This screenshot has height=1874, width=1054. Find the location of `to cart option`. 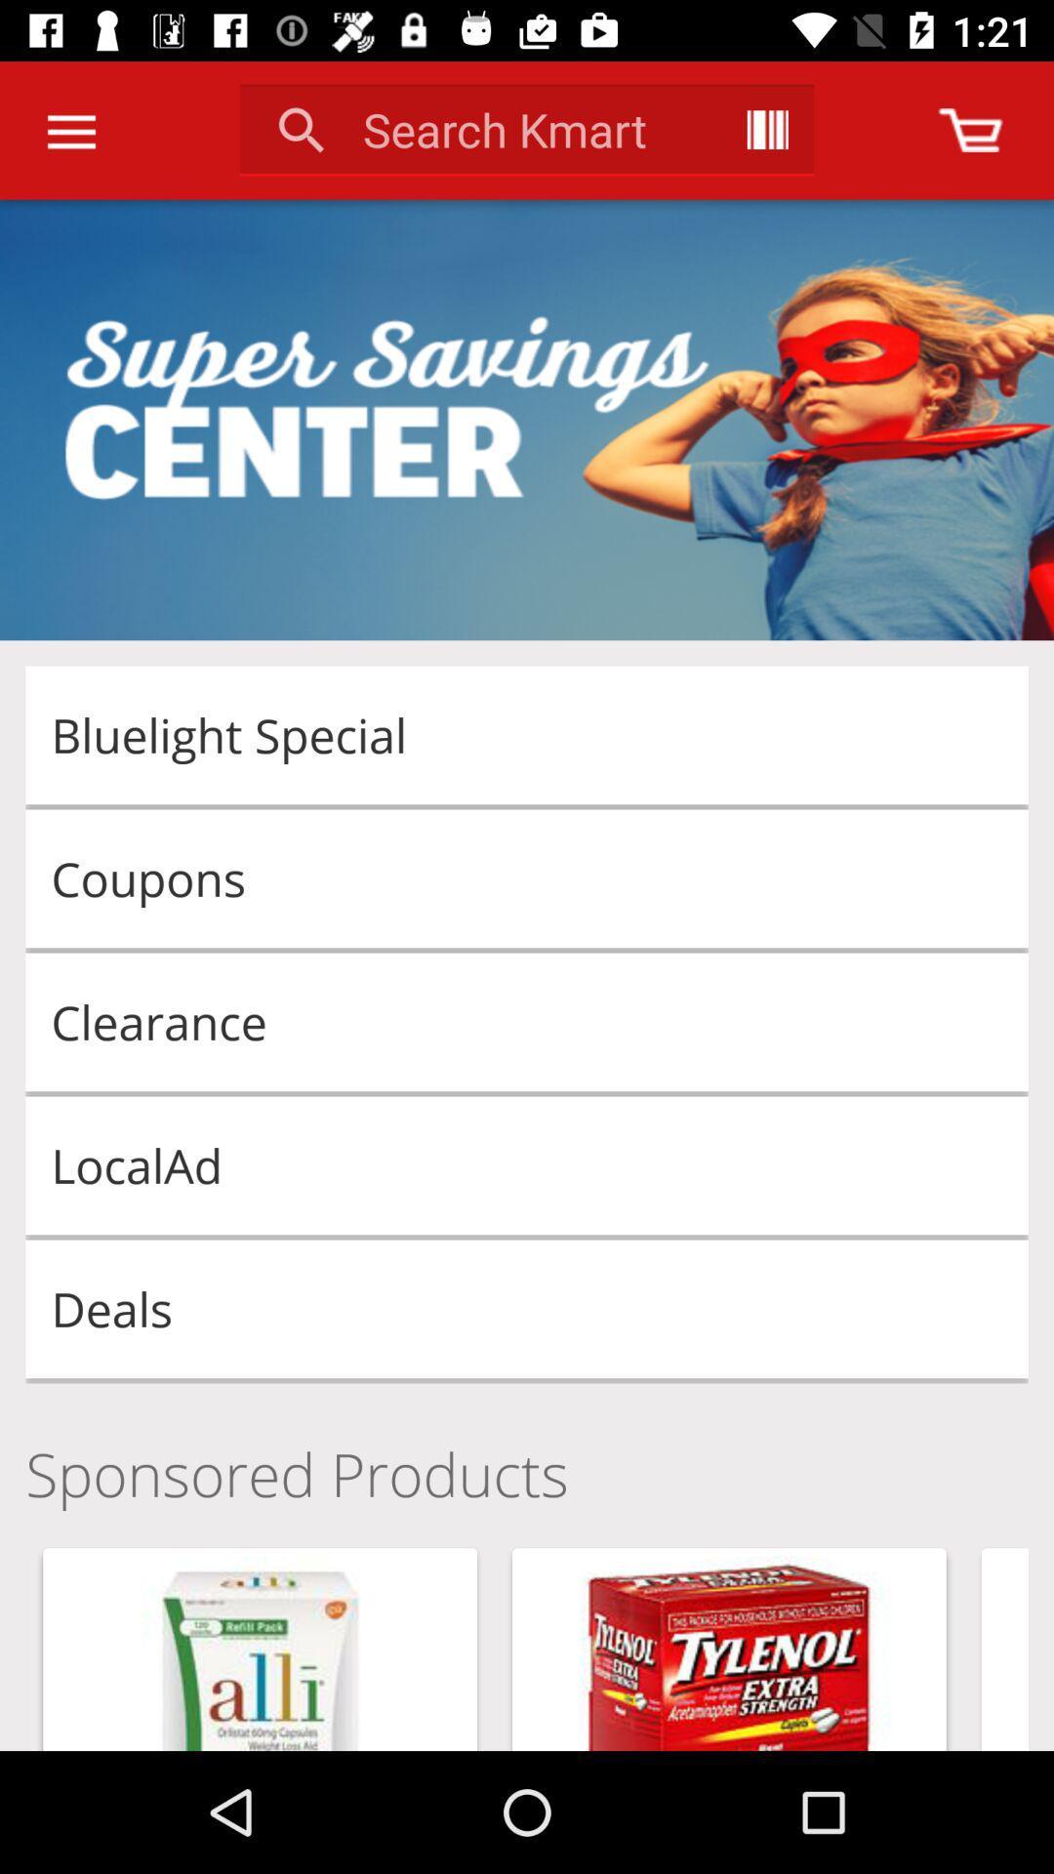

to cart option is located at coordinates (970, 129).